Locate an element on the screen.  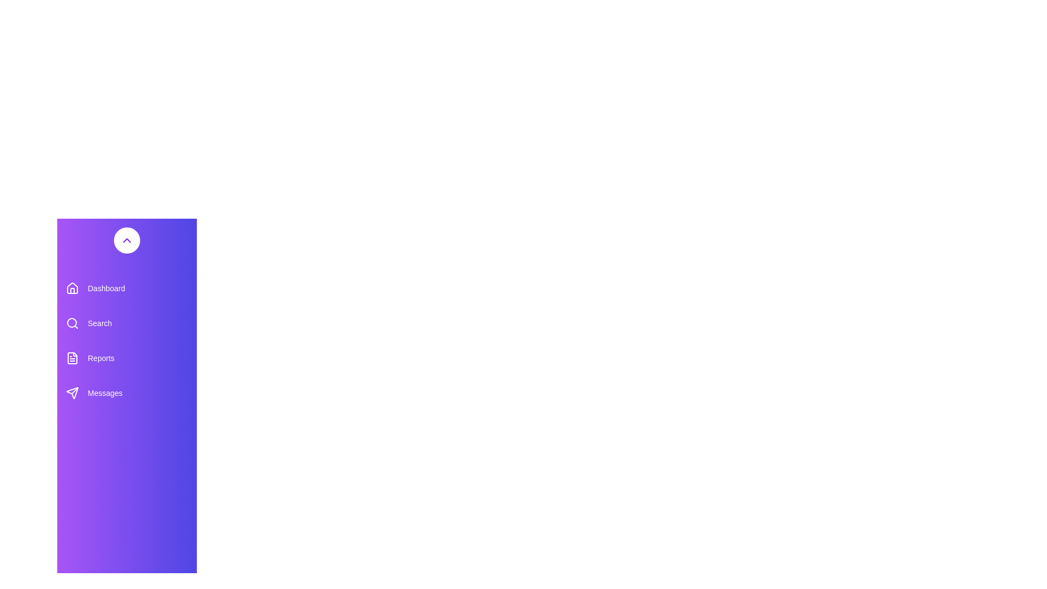
the 'Search' button in the navigation menu is located at coordinates (127, 323).